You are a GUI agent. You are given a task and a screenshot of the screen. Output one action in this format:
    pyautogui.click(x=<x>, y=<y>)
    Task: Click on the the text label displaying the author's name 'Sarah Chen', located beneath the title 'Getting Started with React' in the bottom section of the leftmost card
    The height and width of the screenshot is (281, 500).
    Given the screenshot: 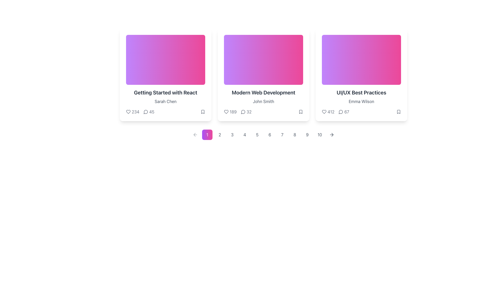 What is the action you would take?
    pyautogui.click(x=165, y=101)
    